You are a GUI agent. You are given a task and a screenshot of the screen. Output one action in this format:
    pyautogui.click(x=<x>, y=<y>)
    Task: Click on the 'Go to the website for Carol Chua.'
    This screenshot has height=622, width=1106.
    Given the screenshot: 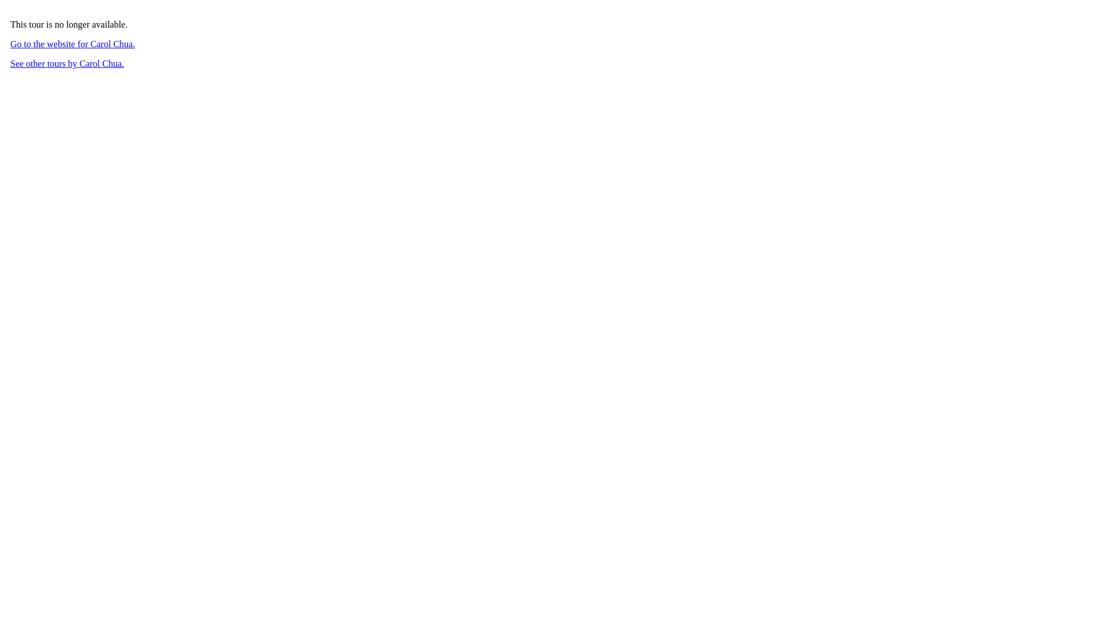 What is the action you would take?
    pyautogui.click(x=71, y=43)
    